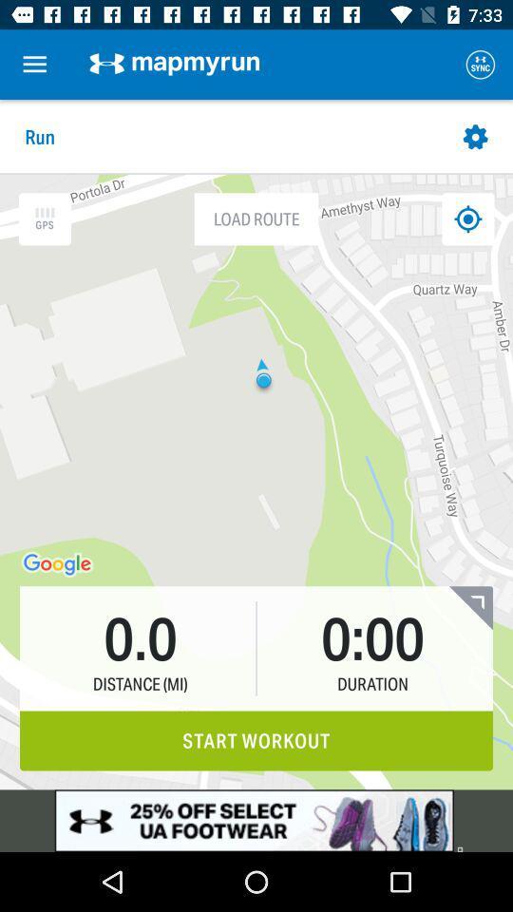 Image resolution: width=513 pixels, height=912 pixels. Describe the element at coordinates (466, 218) in the screenshot. I see `shows mark icon` at that location.